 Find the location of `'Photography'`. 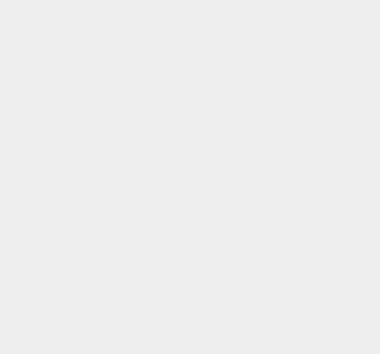

'Photography' is located at coordinates (282, 327).